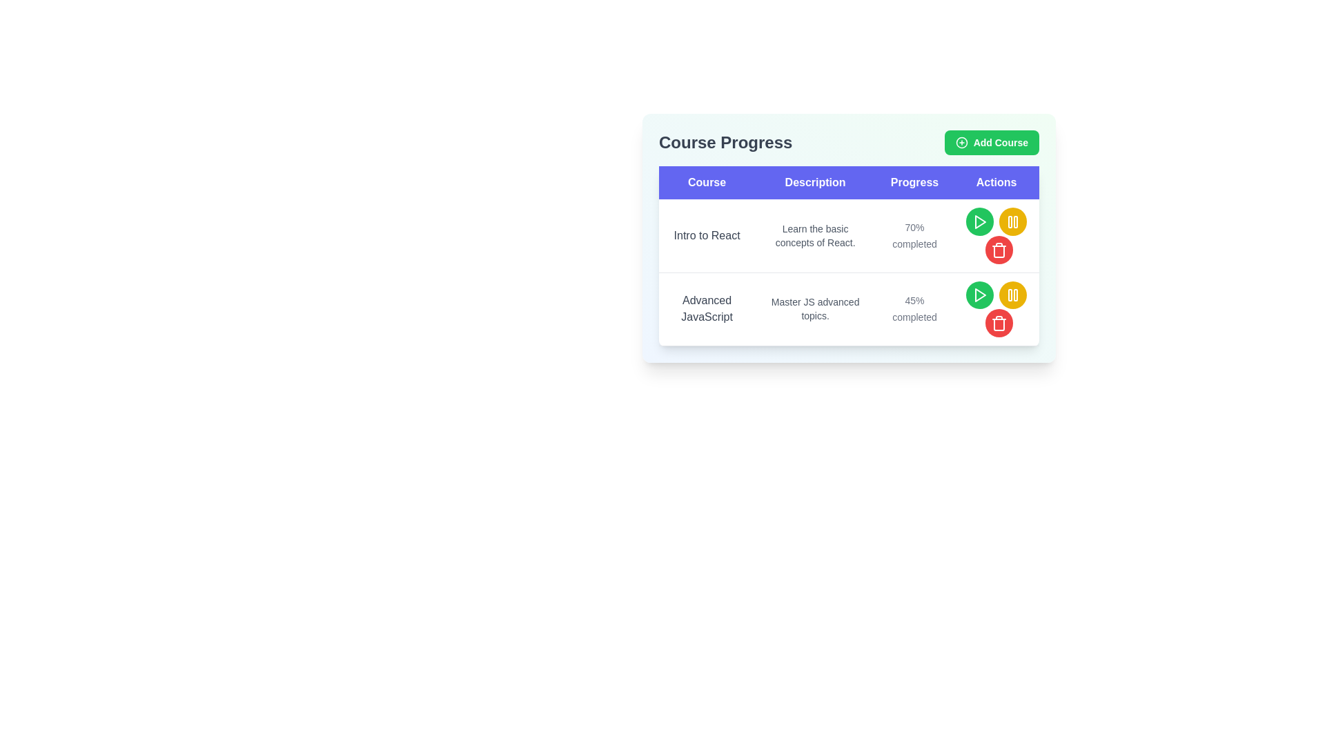  Describe the element at coordinates (997, 308) in the screenshot. I see `the delete button in the 'Actions' column of the second row in the 'Course Progress' table for the 'Advanced JavaScript' course` at that location.